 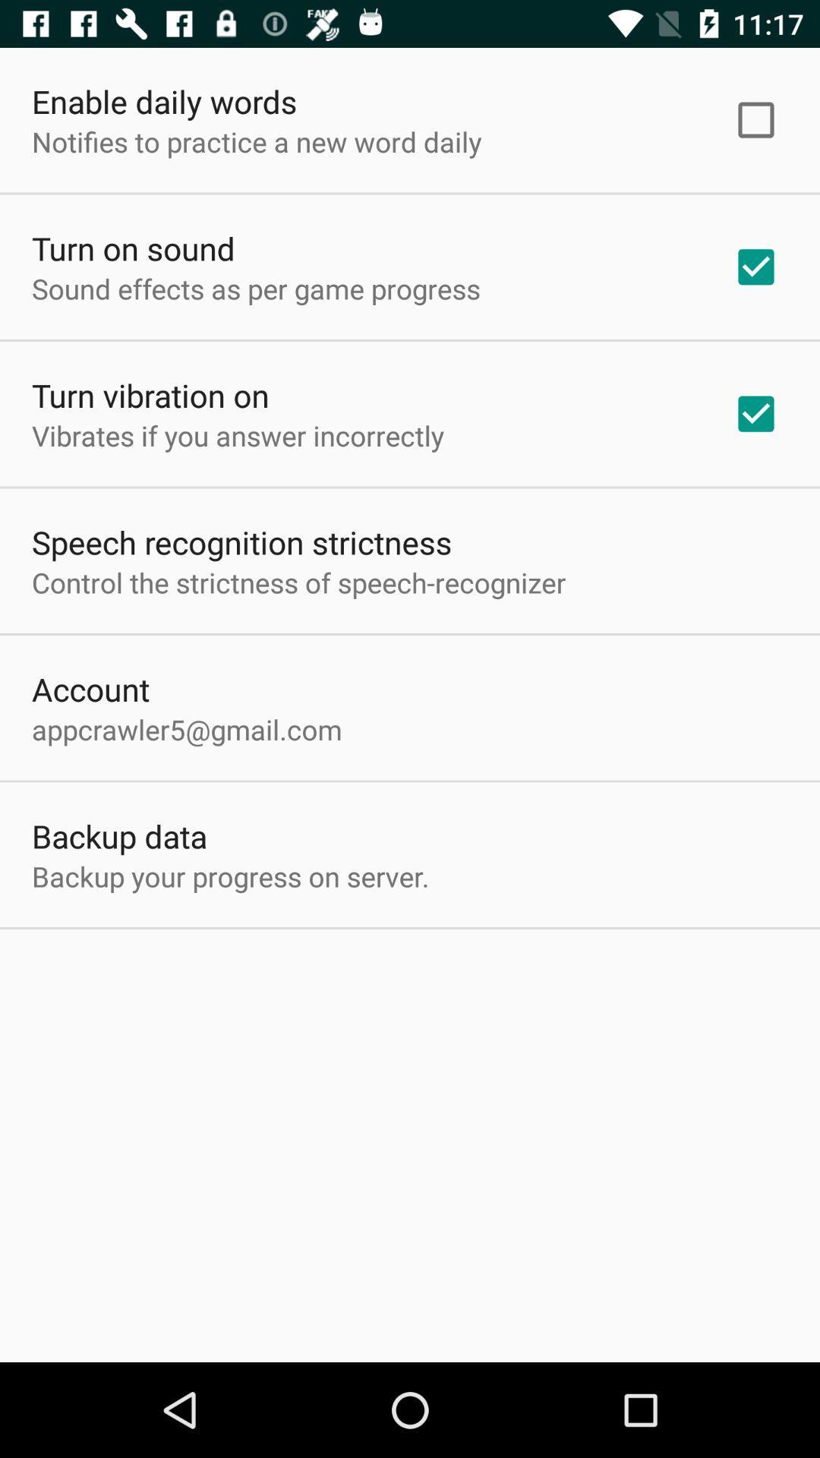 What do you see at coordinates (90, 688) in the screenshot?
I see `account app` at bounding box center [90, 688].